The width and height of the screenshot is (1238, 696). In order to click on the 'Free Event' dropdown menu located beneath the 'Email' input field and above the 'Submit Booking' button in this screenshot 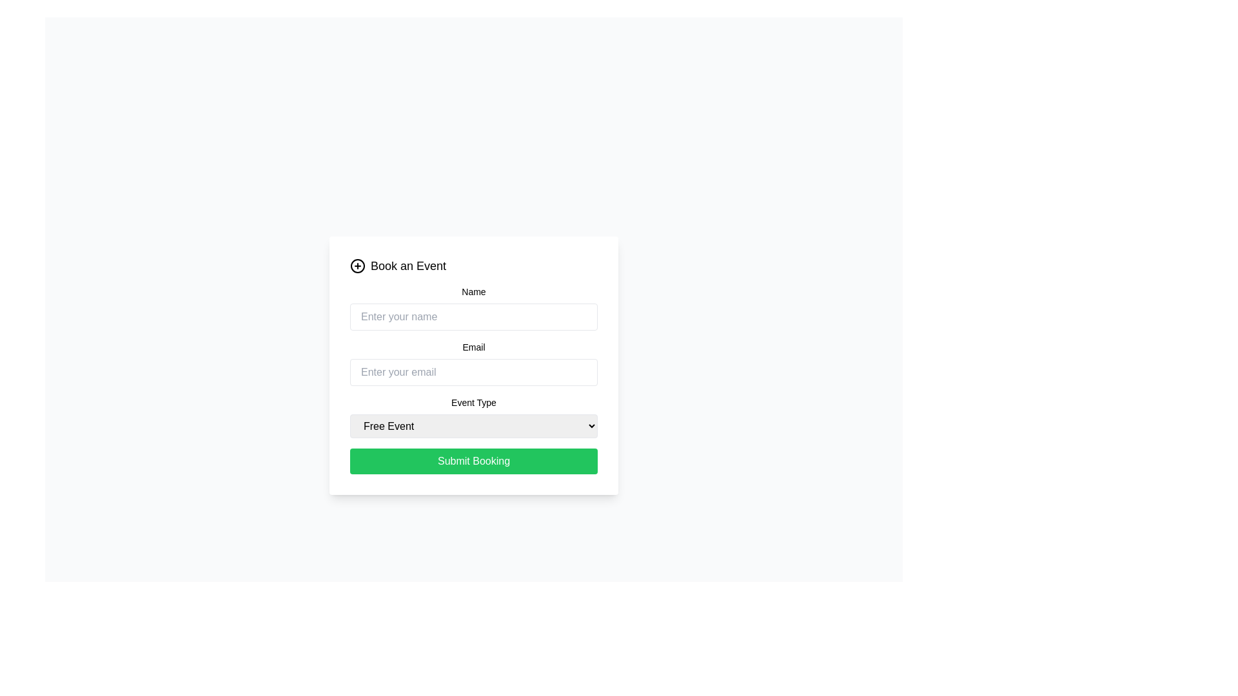, I will do `click(473, 417)`.